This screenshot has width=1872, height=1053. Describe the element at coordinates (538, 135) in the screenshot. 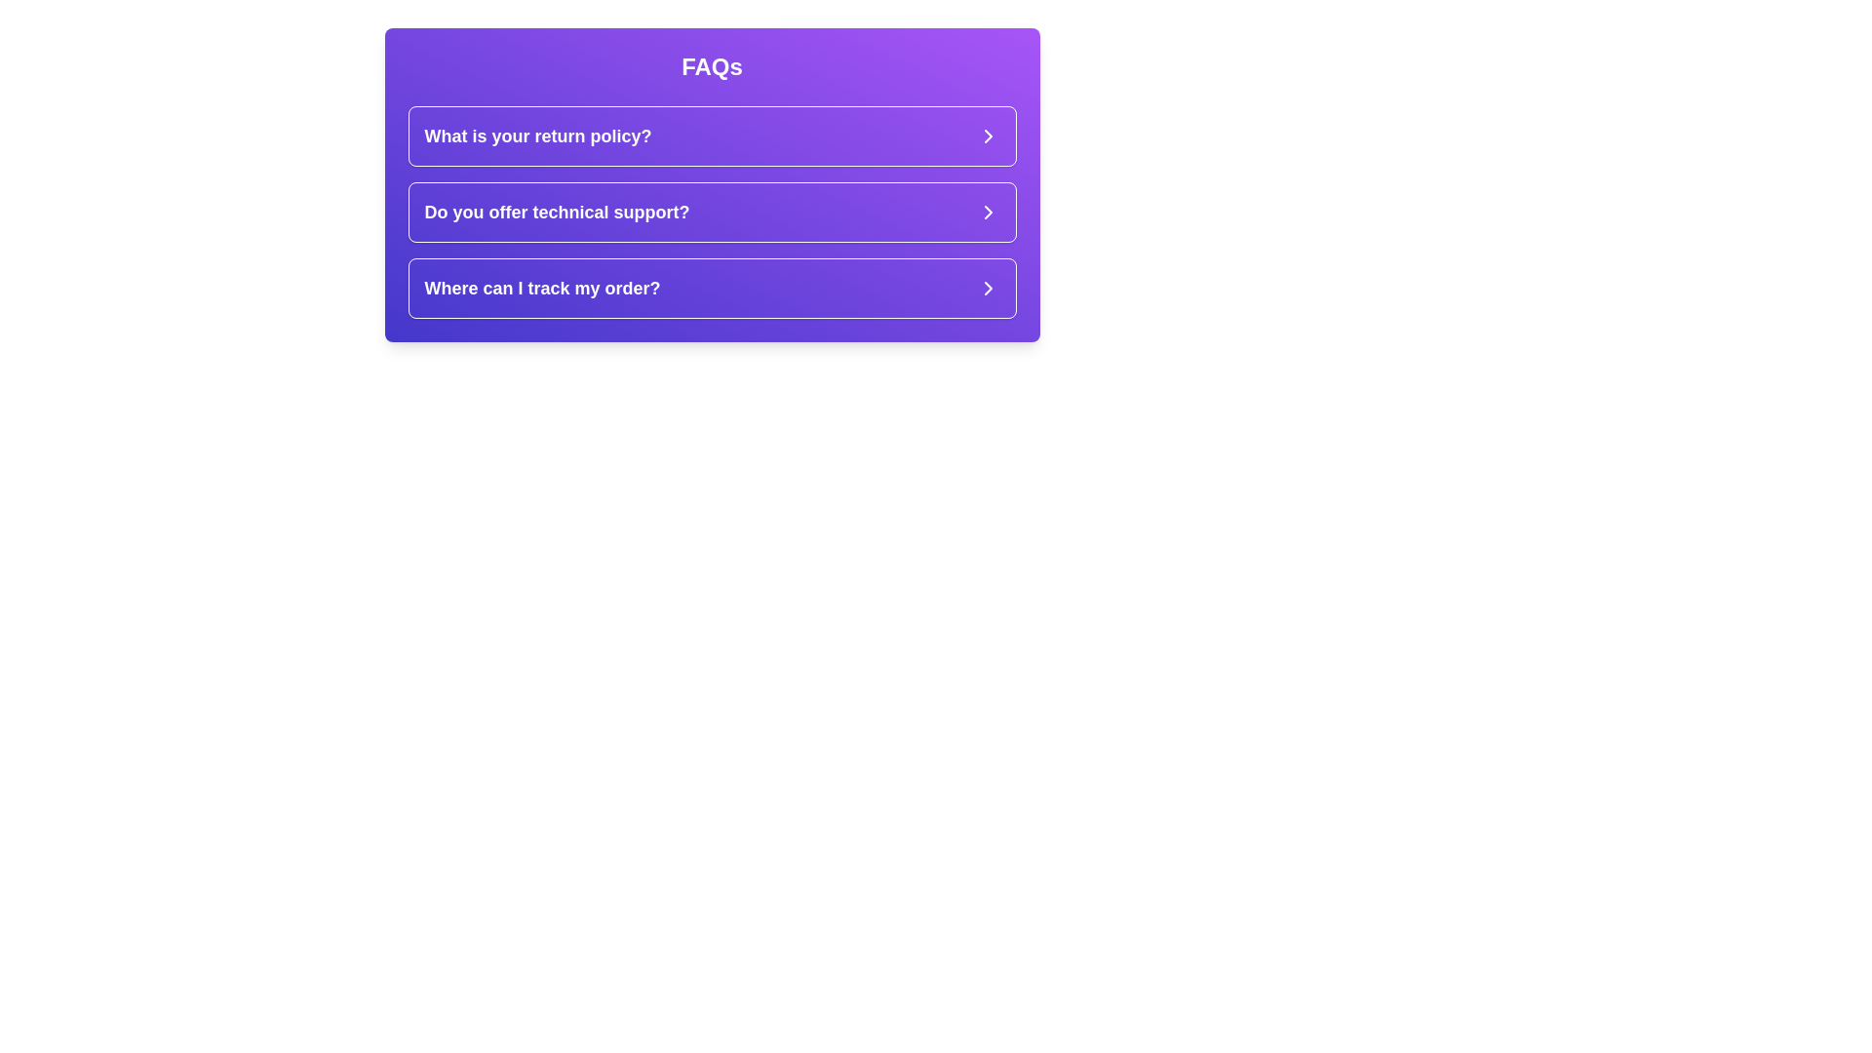

I see `the Static Text Label displaying 'What is your return policy?' which is located in the purple FAQ section` at that location.